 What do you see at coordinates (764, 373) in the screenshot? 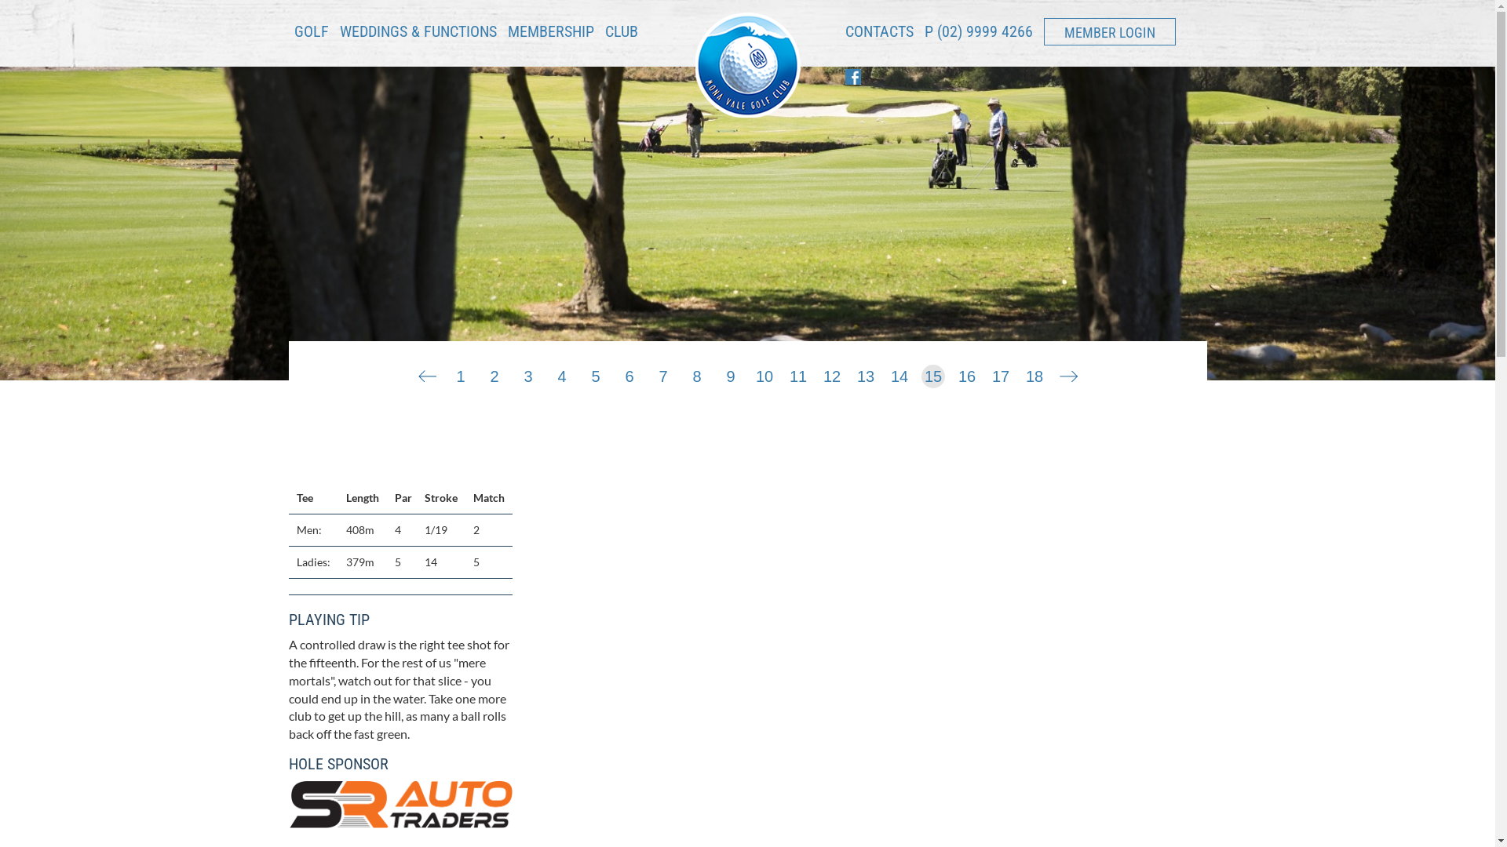
I see `'10'` at bounding box center [764, 373].